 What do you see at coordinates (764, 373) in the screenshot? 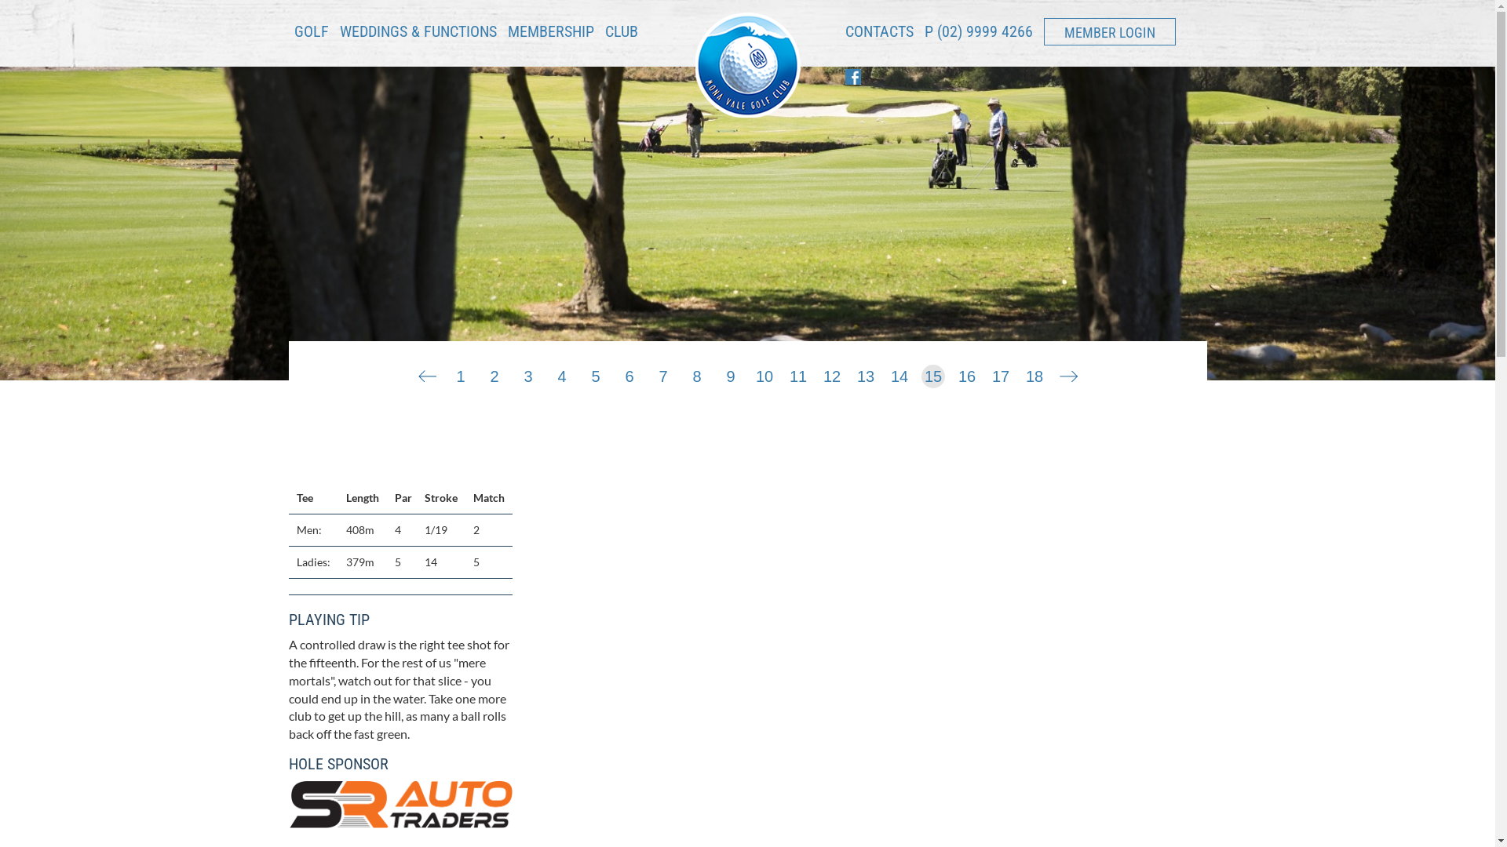
I see `'10'` at bounding box center [764, 373].